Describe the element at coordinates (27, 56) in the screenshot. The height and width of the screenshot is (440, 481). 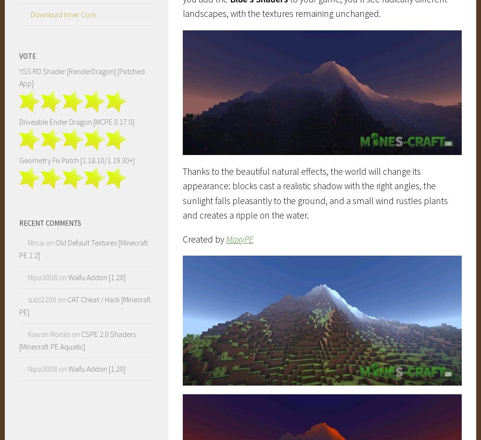
I see `'Vote'` at that location.